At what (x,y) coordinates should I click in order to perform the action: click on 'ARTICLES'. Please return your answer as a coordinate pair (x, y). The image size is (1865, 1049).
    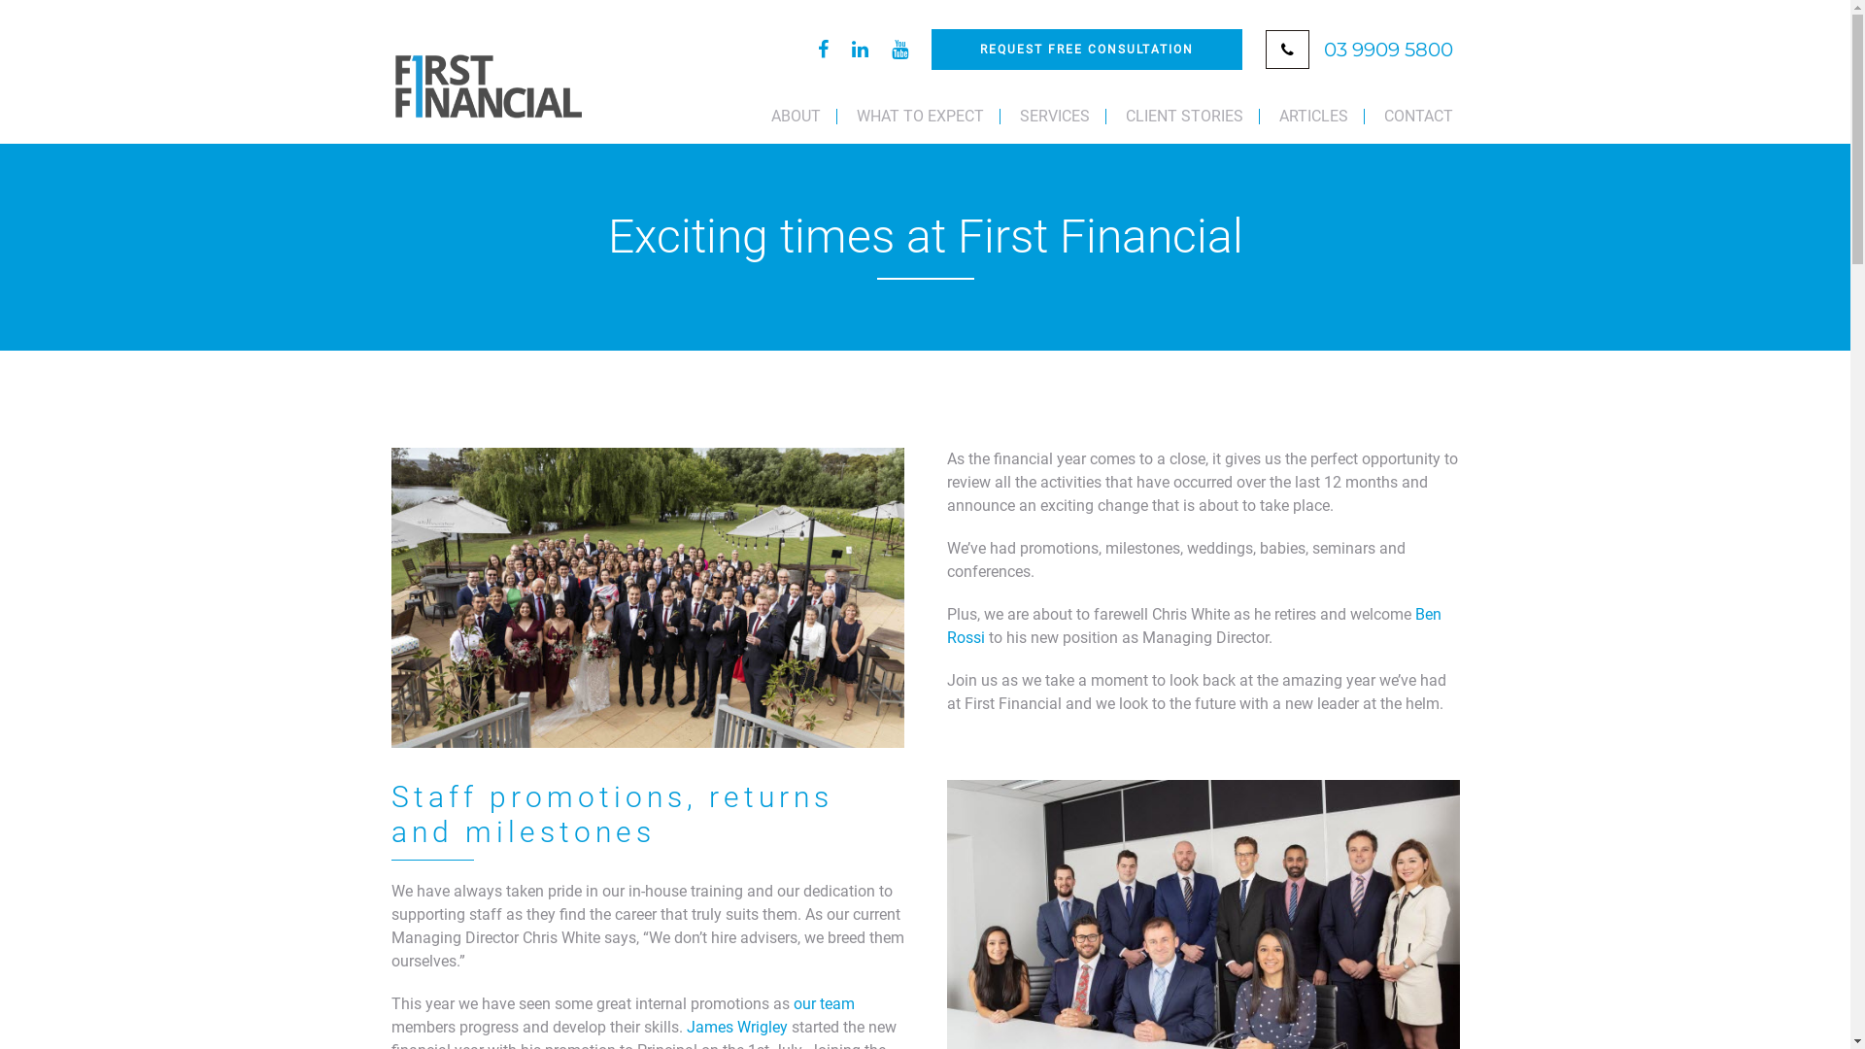
    Looking at the image, I should click on (1263, 116).